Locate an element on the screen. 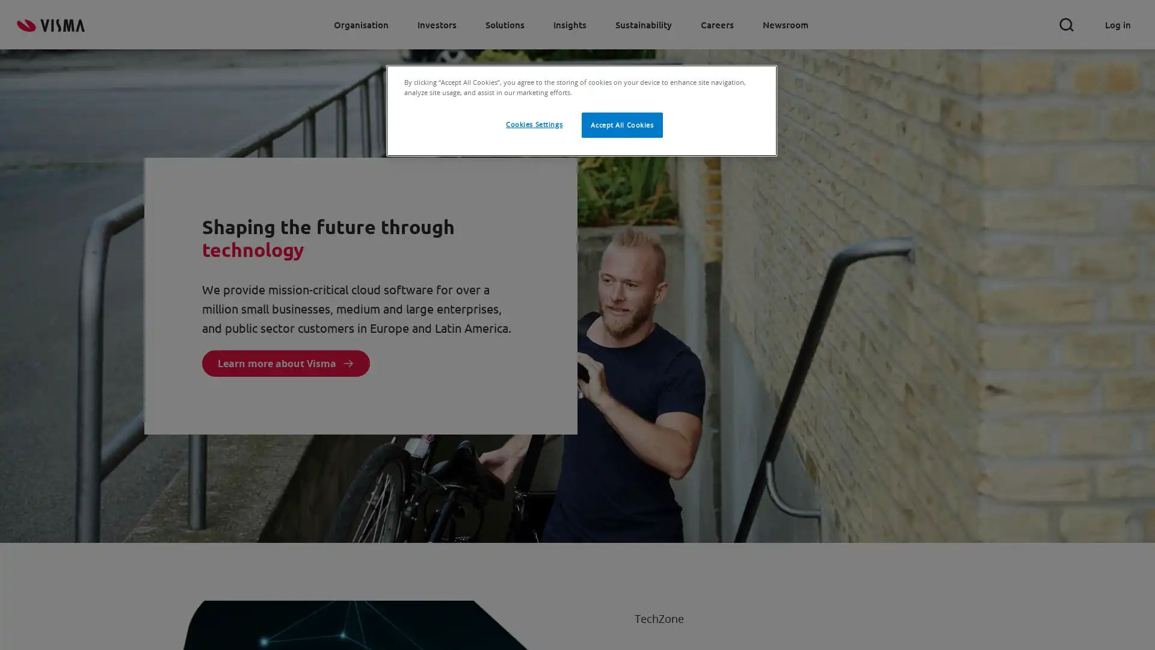  Cookies Settings is located at coordinates (533, 125).